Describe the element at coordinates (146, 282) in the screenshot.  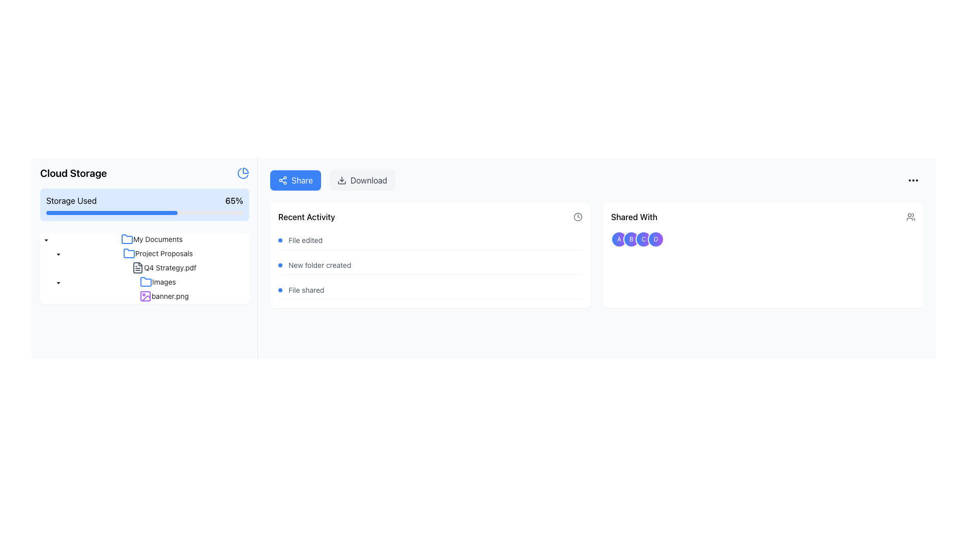
I see `the 'Images' folder icon located in the left column under 'Cloud Storage'` at that location.